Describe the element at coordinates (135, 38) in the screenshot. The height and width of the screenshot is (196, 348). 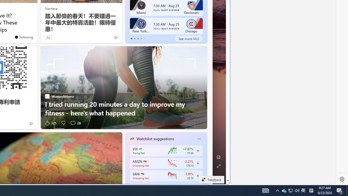
I see `'tab-1'` at that location.